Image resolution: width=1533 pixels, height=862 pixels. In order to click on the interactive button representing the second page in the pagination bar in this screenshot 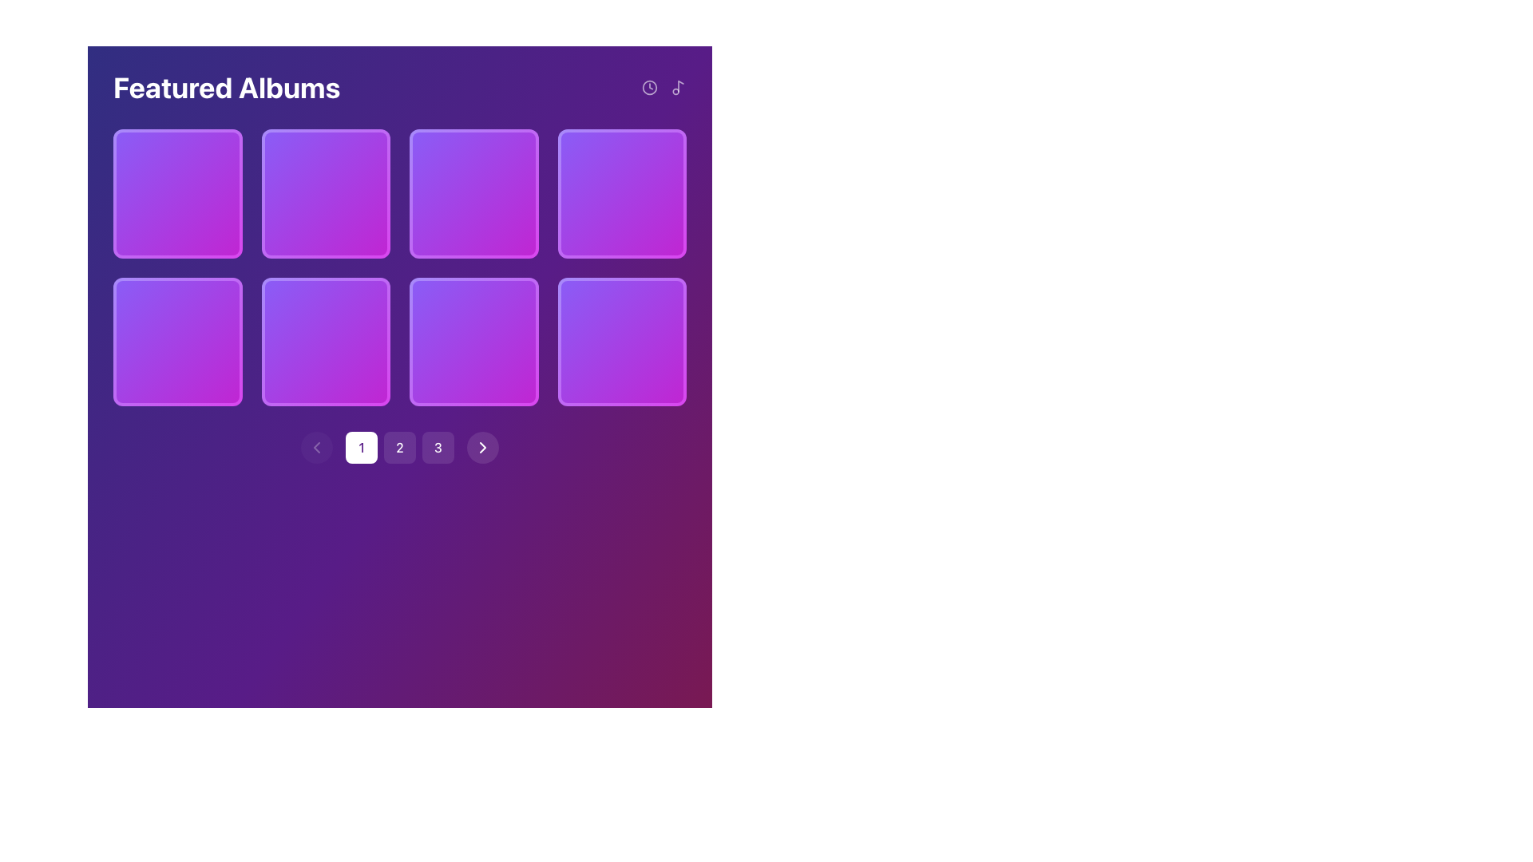, I will do `click(399, 447)`.